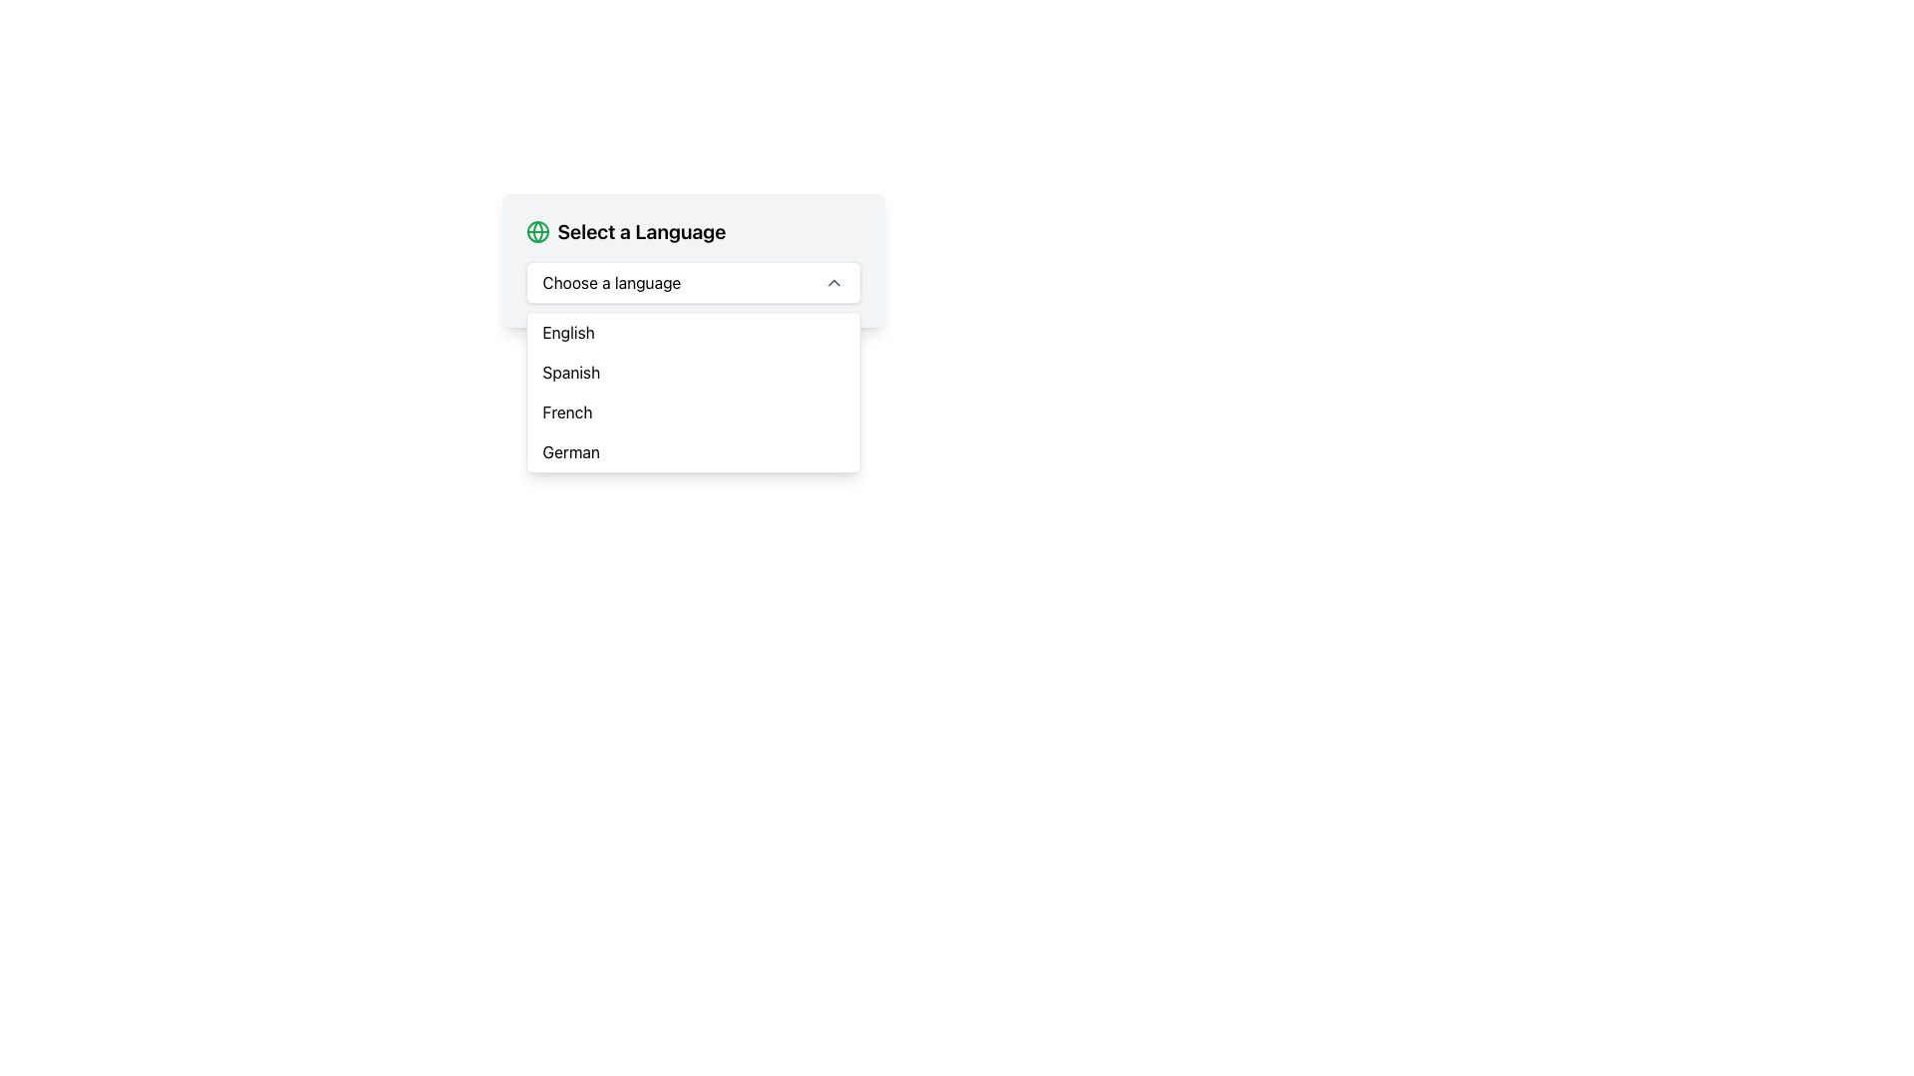 This screenshot has height=1076, width=1914. I want to click on the fourth item in the dropdown list labeled 'Select a Language', which displays 'German' in black and turns light green on hover, so click(693, 452).